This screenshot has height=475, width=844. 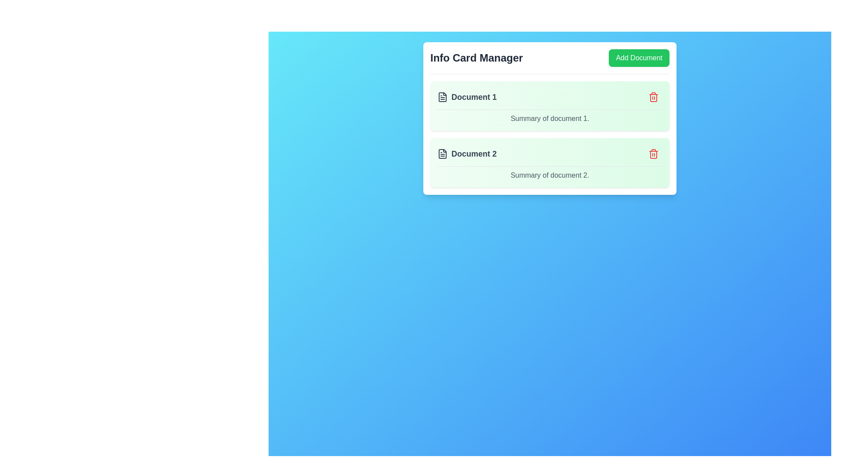 I want to click on the red trash bin icon button on the far-right side of the 'Document 1' list item, so click(x=654, y=97).